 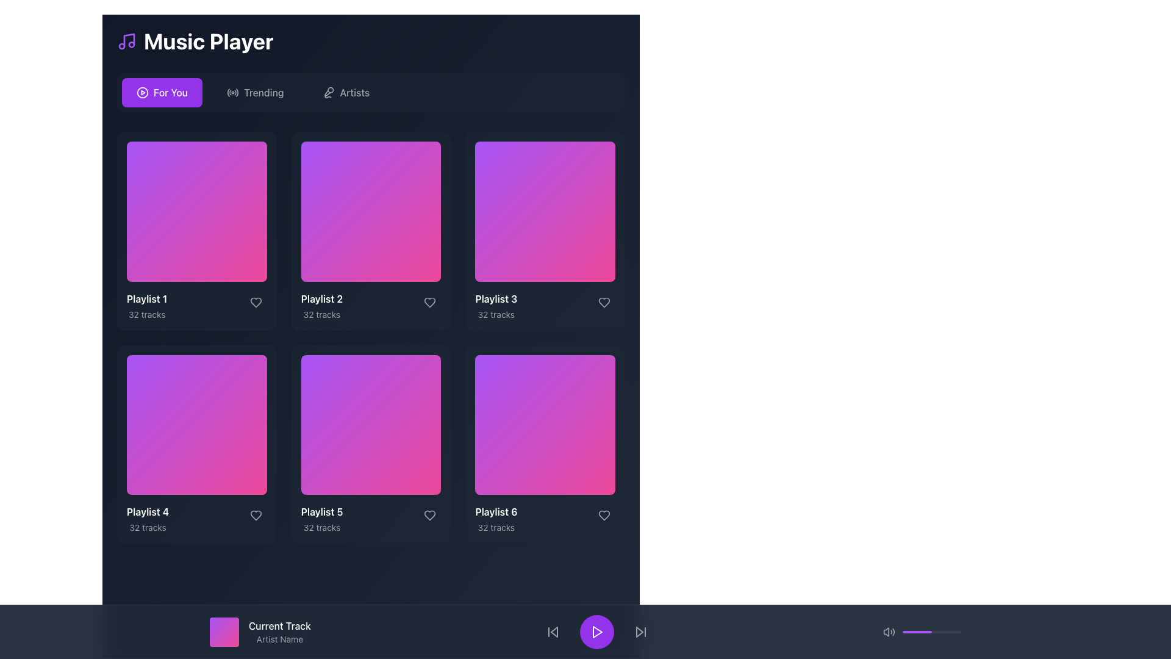 What do you see at coordinates (322, 314) in the screenshot?
I see `the text label '32 tracks,' which is styled in gray and located below the title 'Playlist 2' in the second playlist card` at bounding box center [322, 314].